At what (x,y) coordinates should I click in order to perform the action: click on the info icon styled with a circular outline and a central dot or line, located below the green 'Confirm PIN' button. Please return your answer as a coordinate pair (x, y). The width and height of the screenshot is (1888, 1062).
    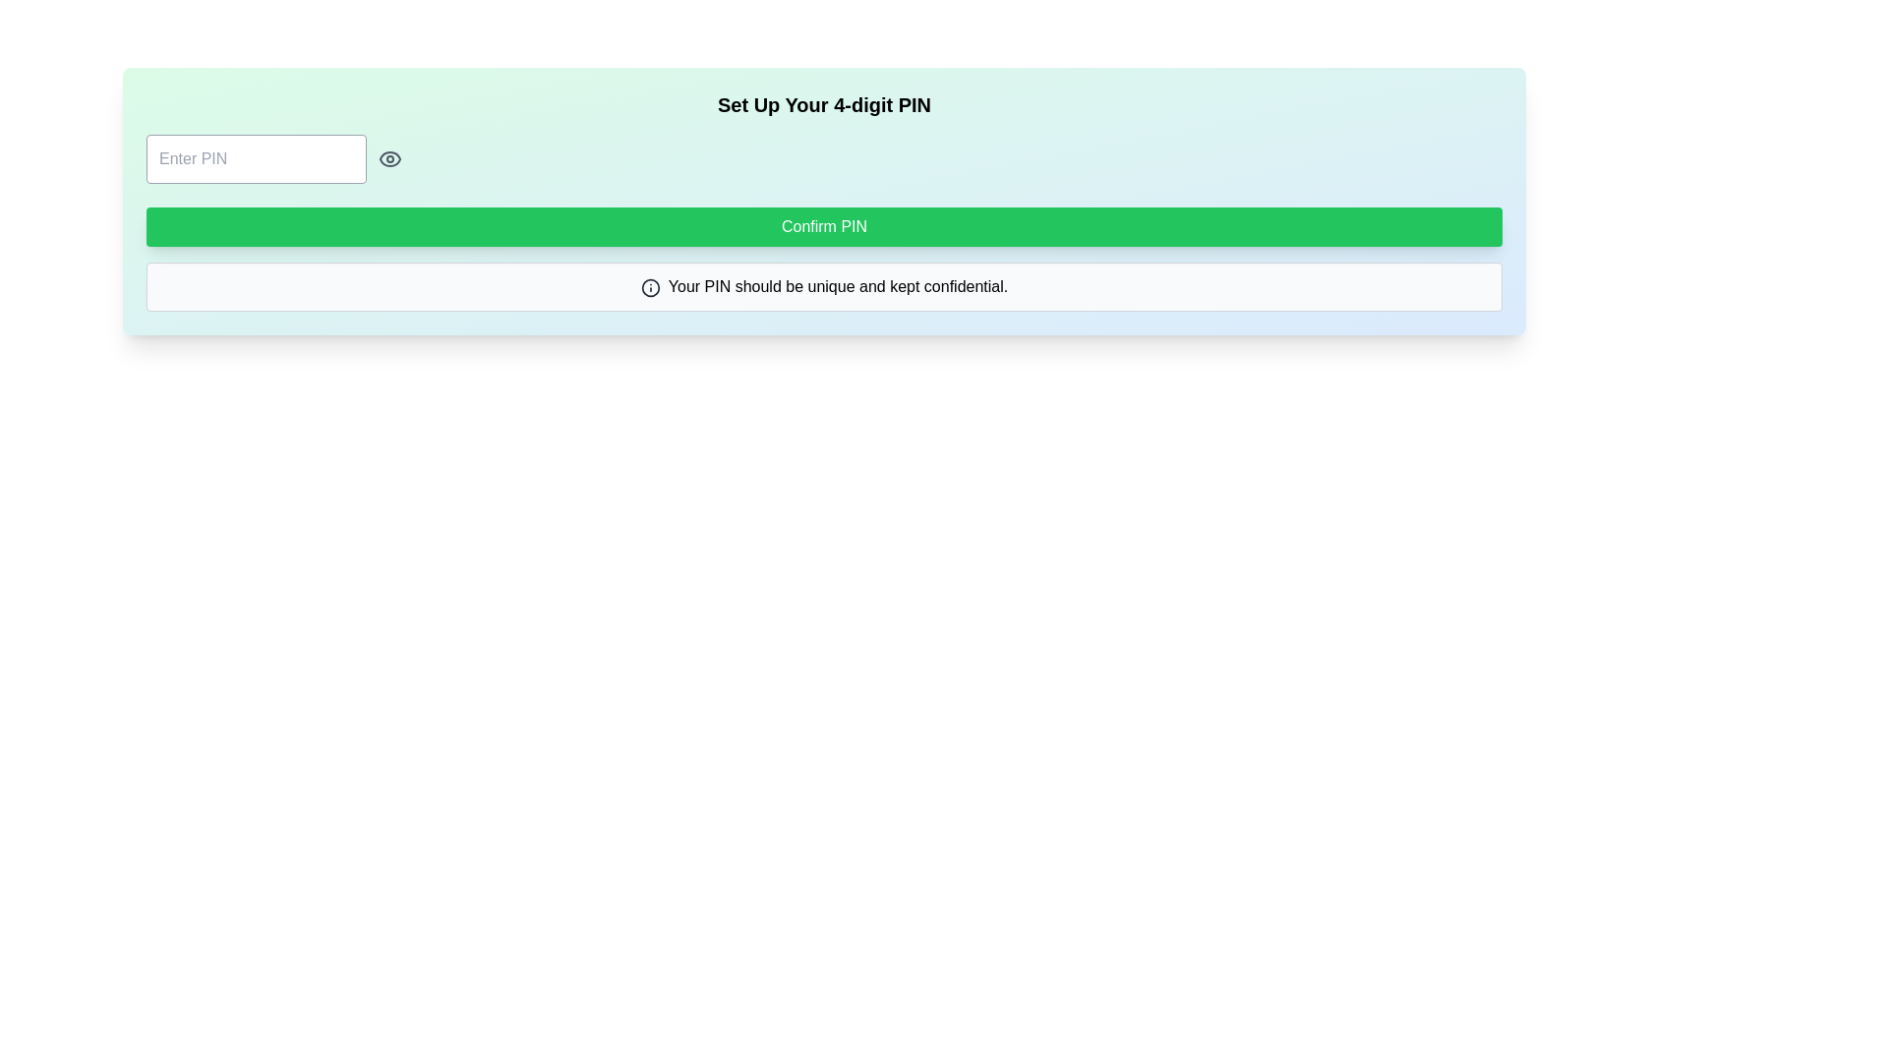
    Looking at the image, I should click on (650, 287).